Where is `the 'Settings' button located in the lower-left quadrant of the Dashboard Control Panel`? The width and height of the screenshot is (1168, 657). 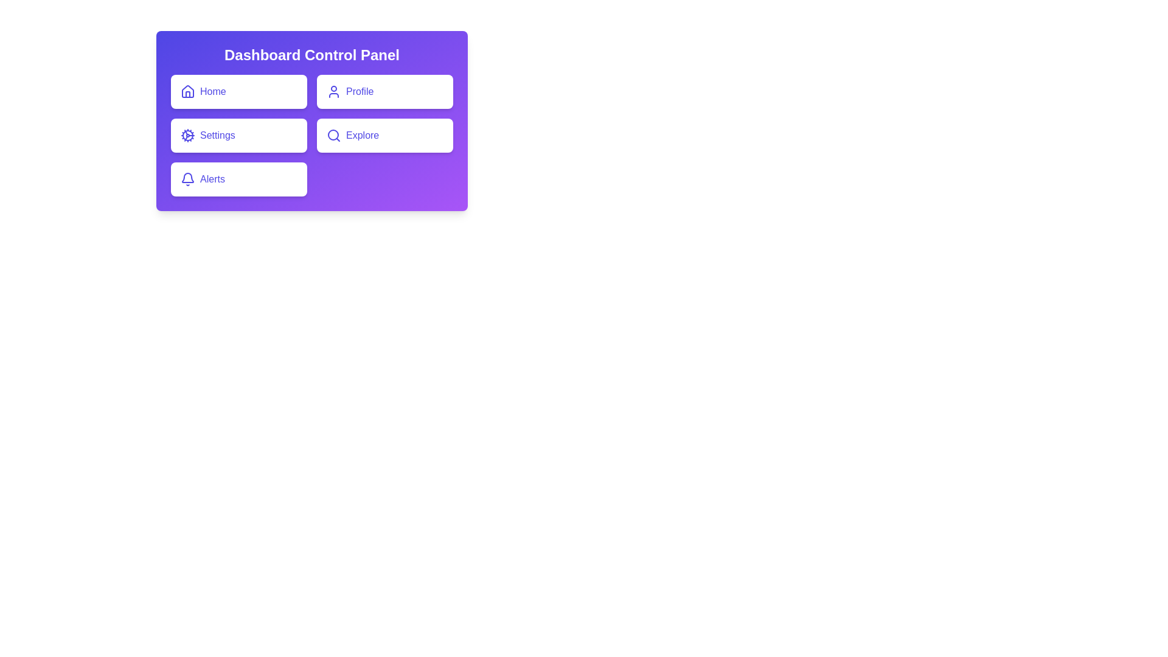
the 'Settings' button located in the lower-left quadrant of the Dashboard Control Panel is located at coordinates (239, 136).